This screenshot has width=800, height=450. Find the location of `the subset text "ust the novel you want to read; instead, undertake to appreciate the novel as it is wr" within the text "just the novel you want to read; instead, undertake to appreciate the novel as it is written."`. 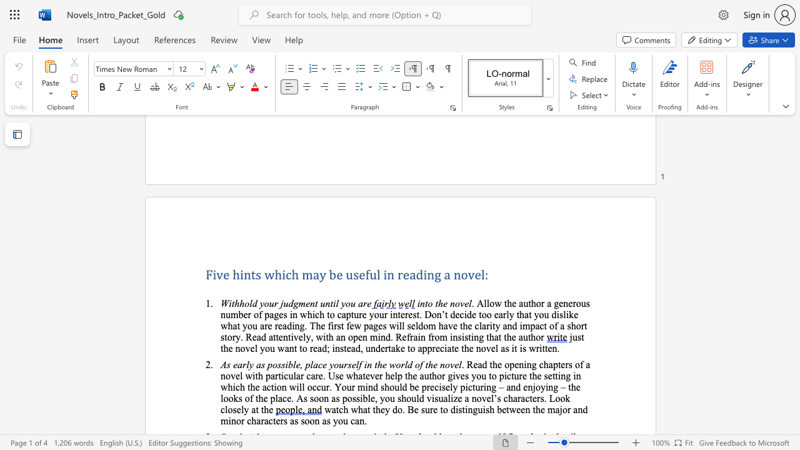

the subset text "ust the novel you want to read; instead, undertake to appreciate the novel as it is wr" within the text "just the novel you want to read; instead, undertake to appreciate the novel as it is written." is located at coordinates (571, 336).